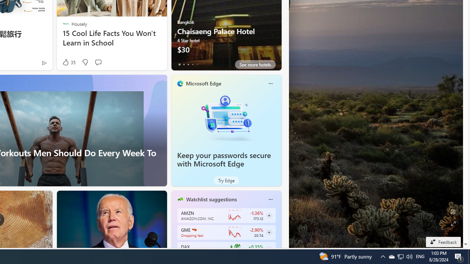 This screenshot has height=264, width=470. I want to click on '35 Like', so click(68, 62).